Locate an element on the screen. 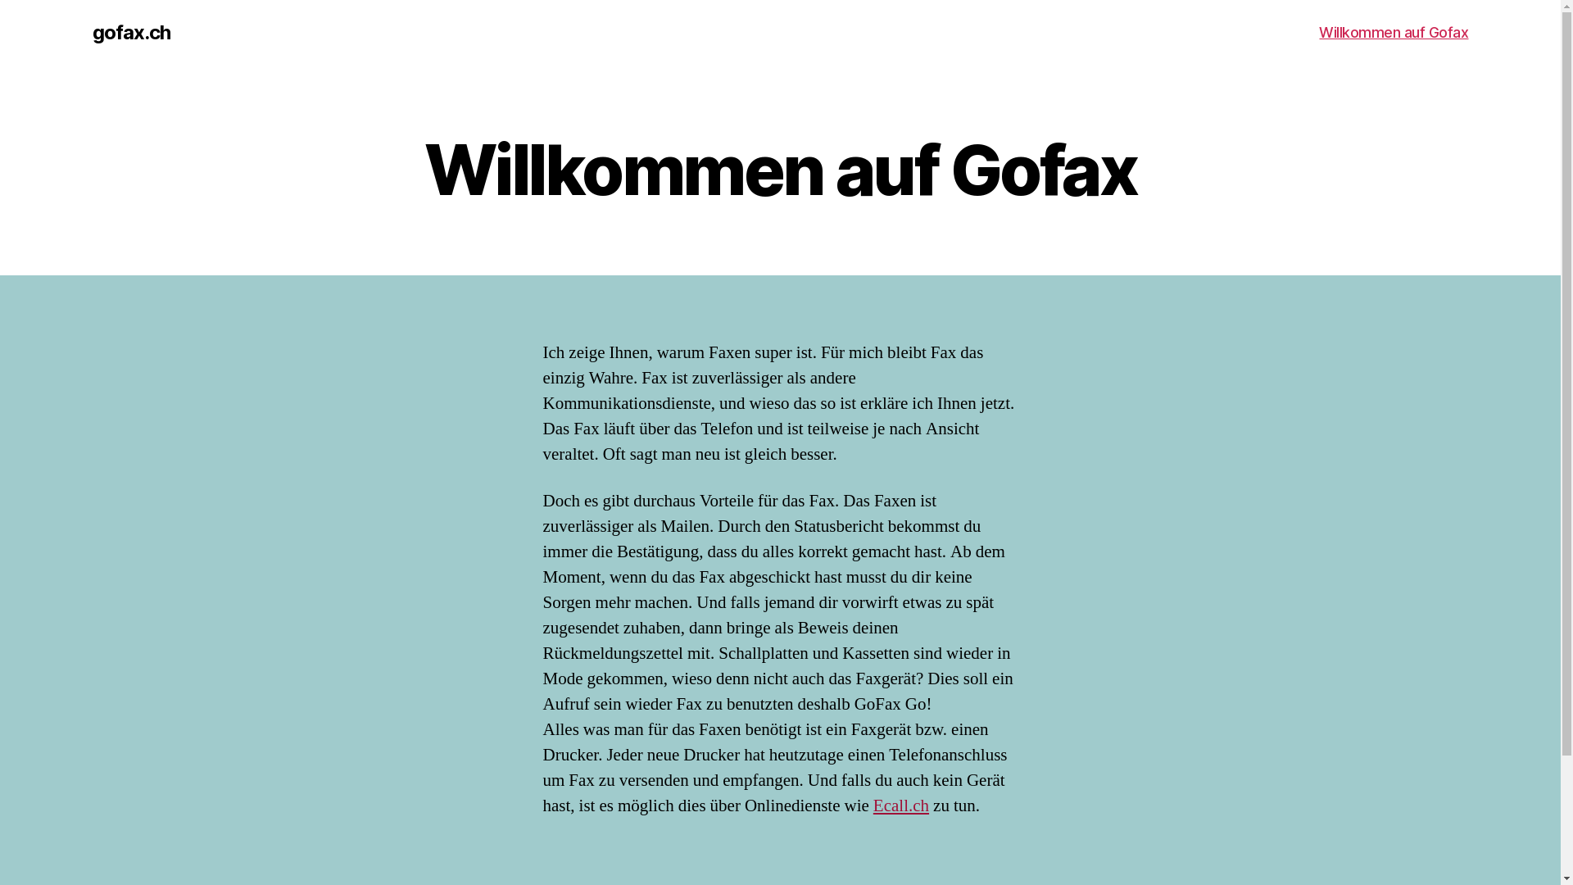 This screenshot has height=885, width=1573. 'gofax.ch' is located at coordinates (129, 32).